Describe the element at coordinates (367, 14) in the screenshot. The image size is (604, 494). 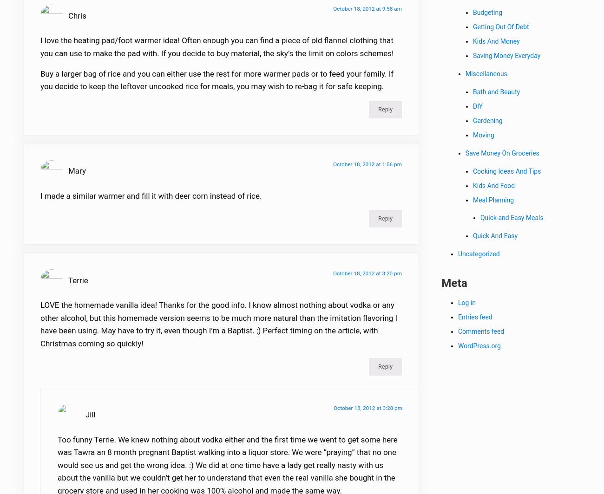
I see `'October 18, 2012 at 9:58 am'` at that location.